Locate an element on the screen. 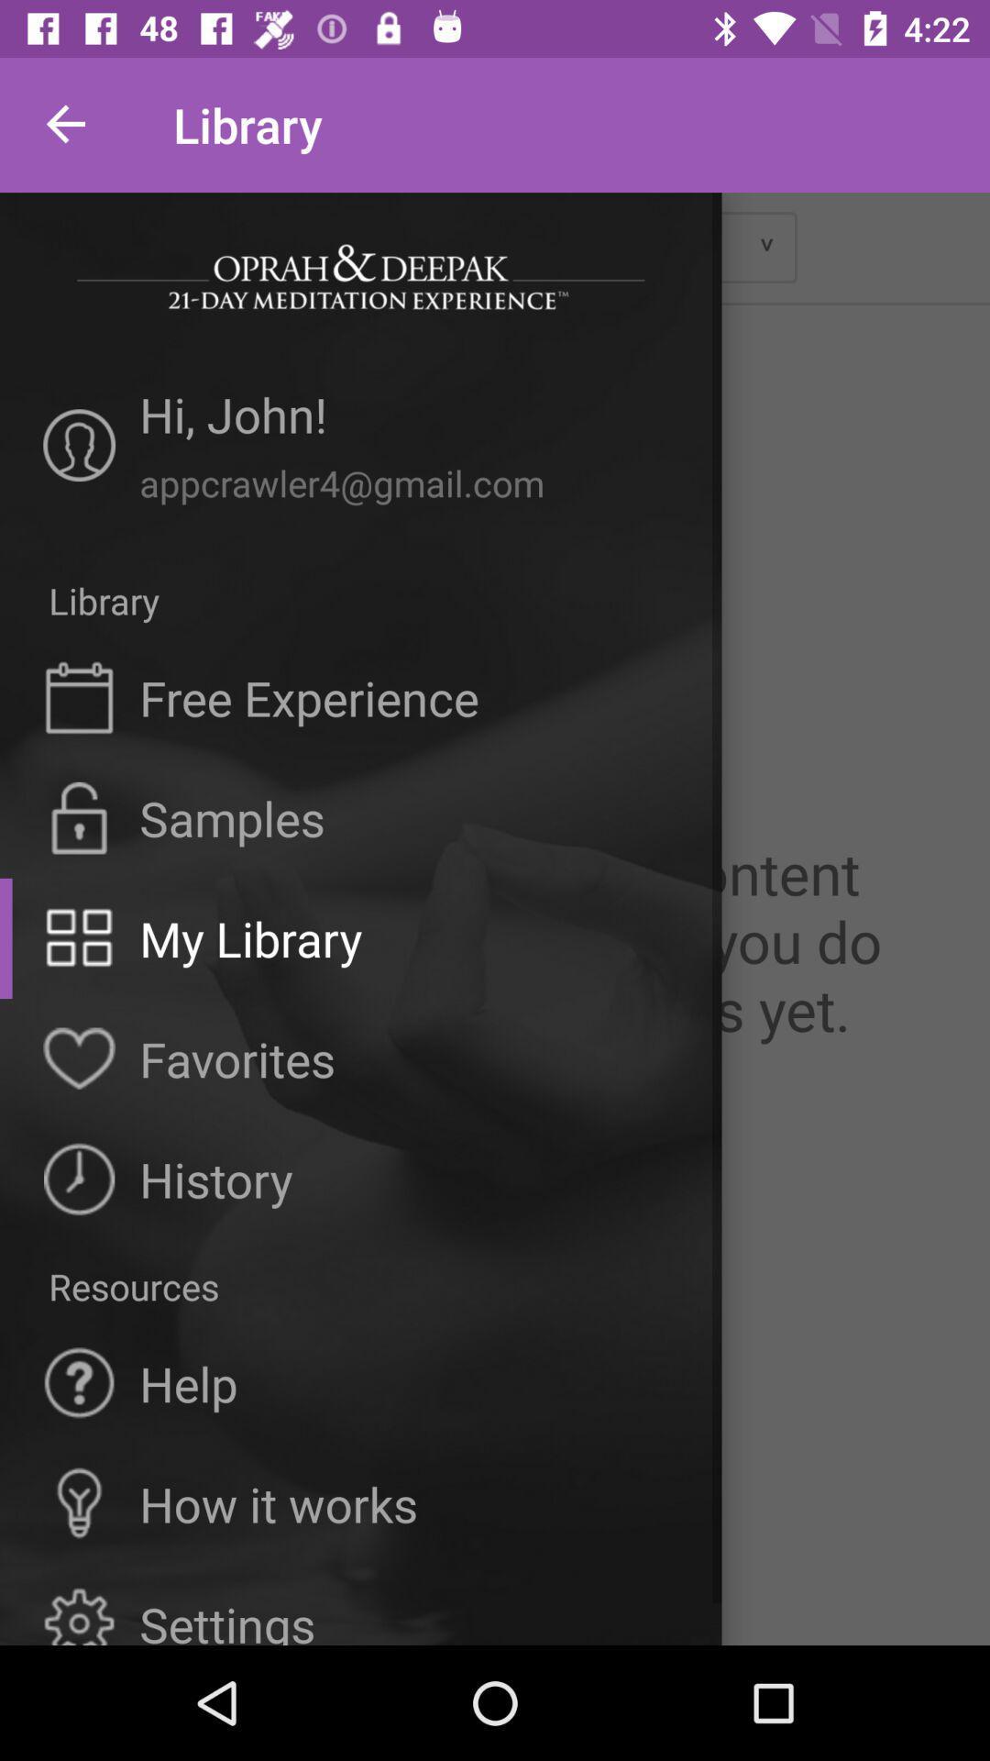  the free experience is located at coordinates (308, 696).